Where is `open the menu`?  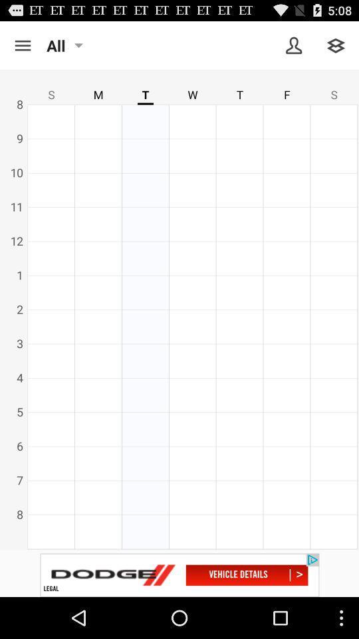 open the menu is located at coordinates (22, 45).